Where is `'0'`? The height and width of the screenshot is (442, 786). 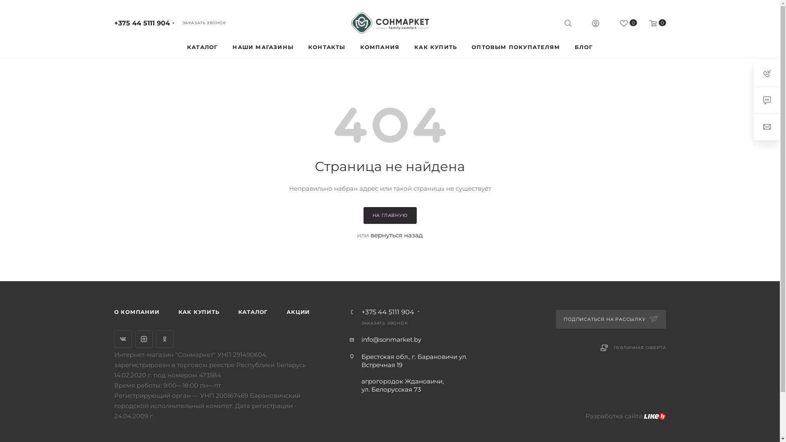
'0' is located at coordinates (636, 23).